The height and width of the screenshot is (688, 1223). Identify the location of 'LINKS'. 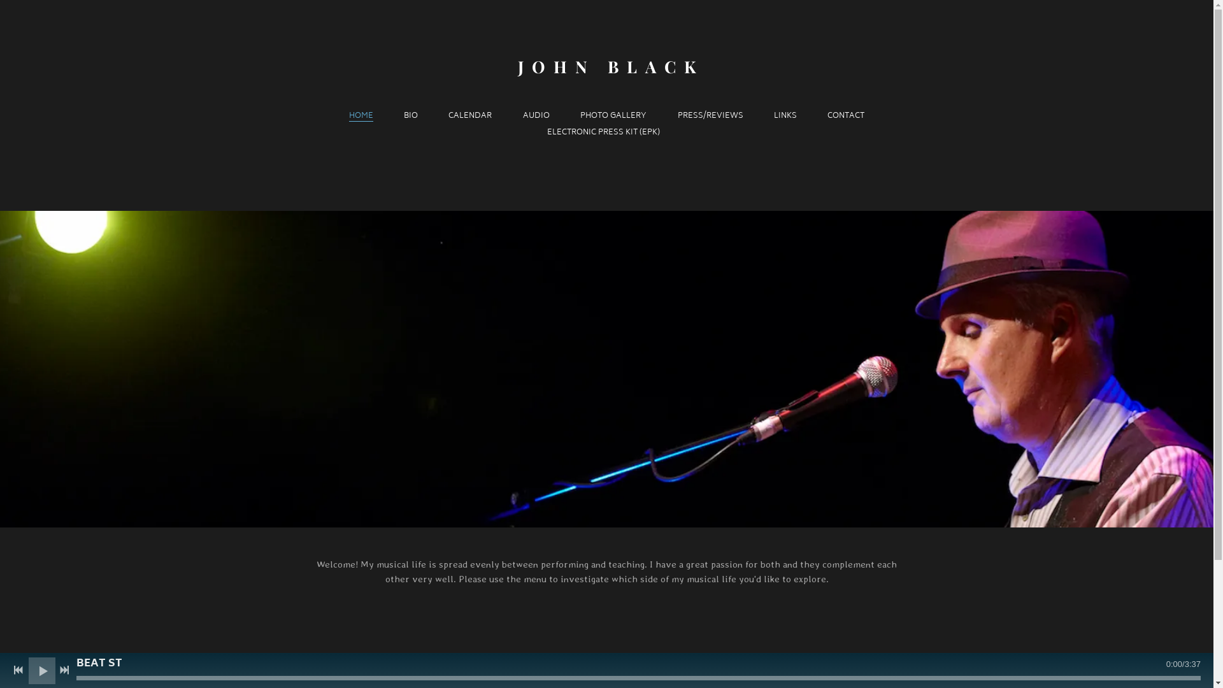
(785, 116).